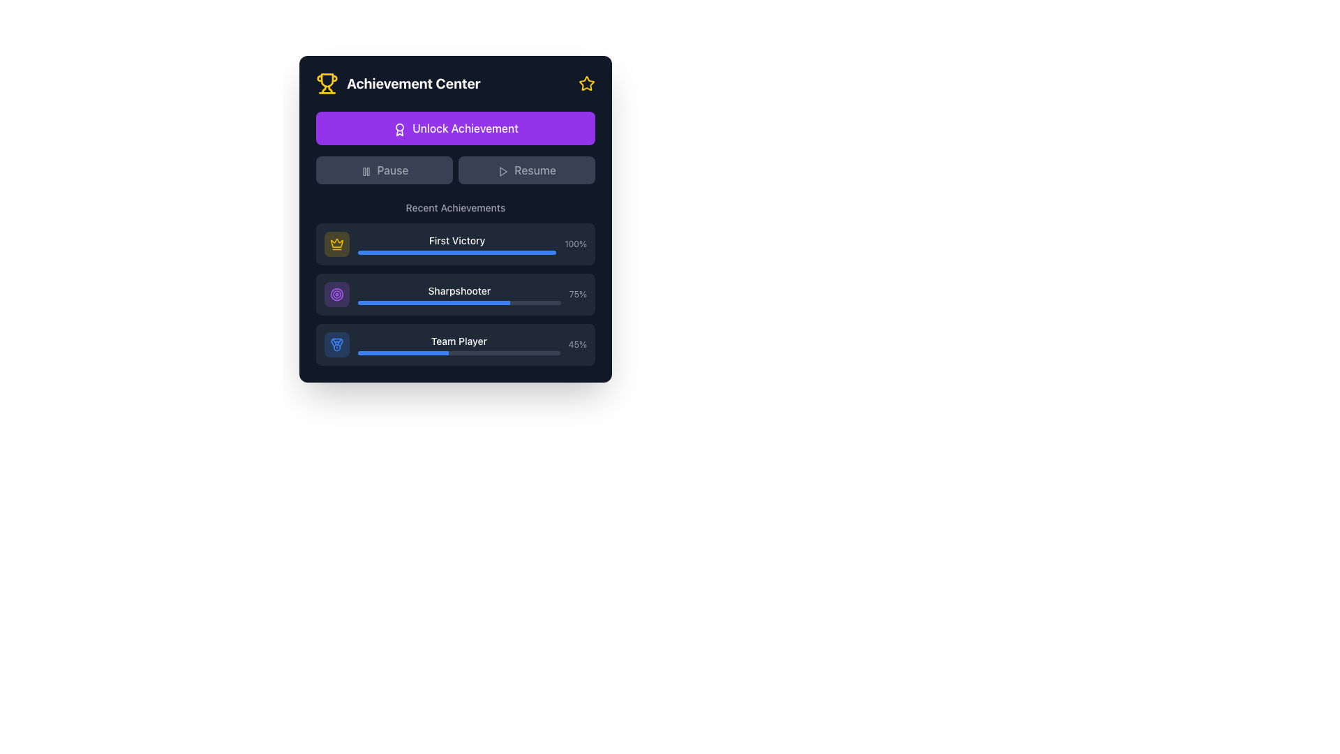  Describe the element at coordinates (385, 169) in the screenshot. I see `the 'Pause' button, which is a rectangular button with rounded corners and a dark gray background` at that location.